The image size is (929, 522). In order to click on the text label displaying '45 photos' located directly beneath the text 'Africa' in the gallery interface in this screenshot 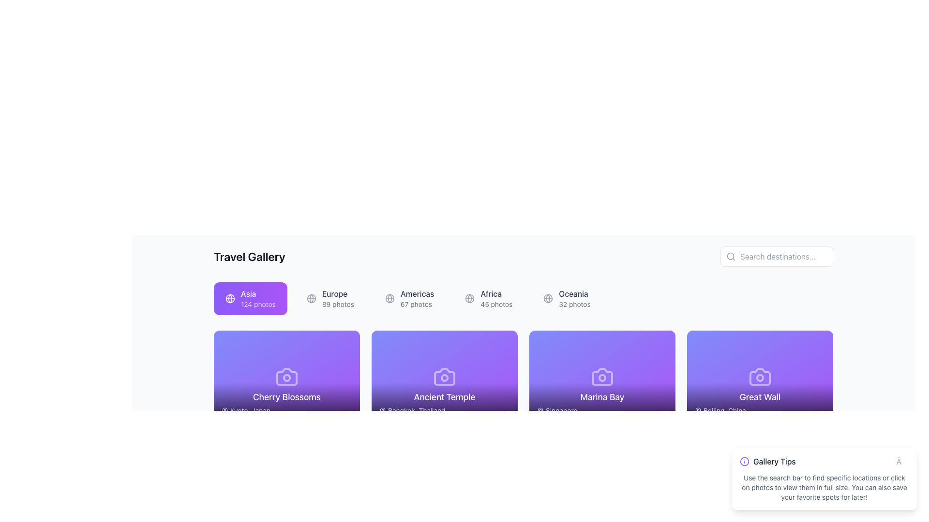, I will do `click(496, 304)`.